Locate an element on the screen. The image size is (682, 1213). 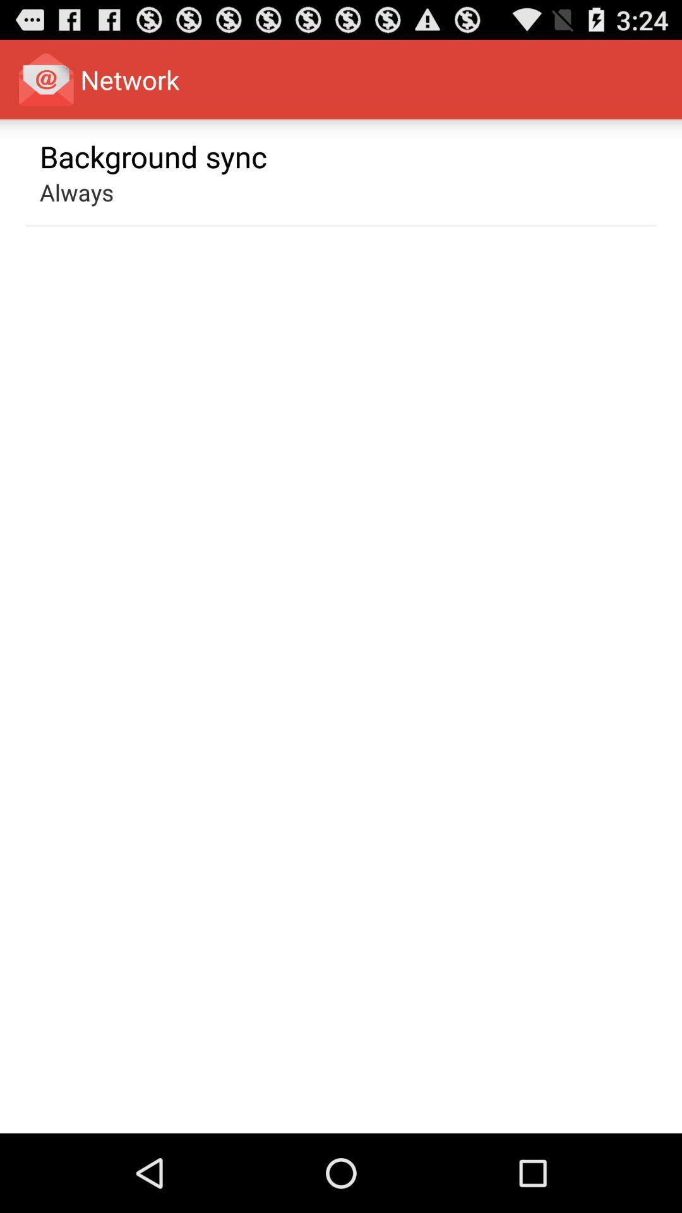
always is located at coordinates (76, 191).